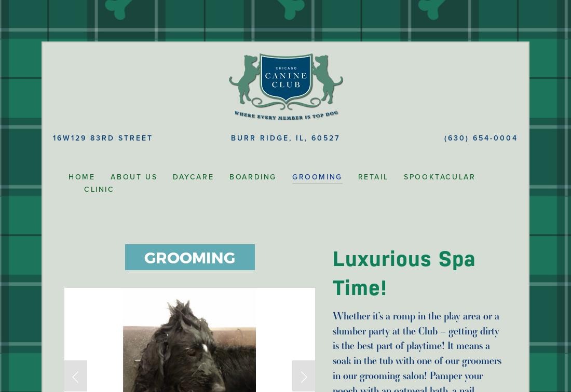 Image resolution: width=571 pixels, height=392 pixels. I want to click on 'About Us', so click(133, 177).